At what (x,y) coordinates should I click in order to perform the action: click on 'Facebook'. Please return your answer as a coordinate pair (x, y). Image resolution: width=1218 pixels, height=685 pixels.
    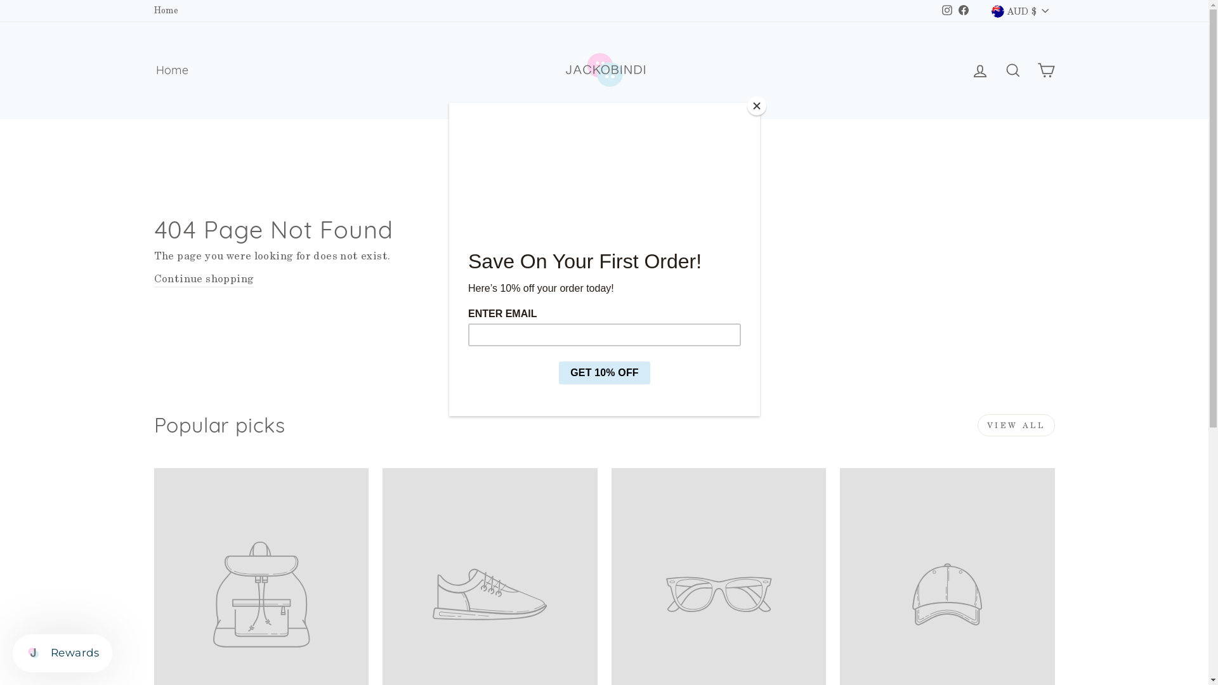
    Looking at the image, I should click on (955, 10).